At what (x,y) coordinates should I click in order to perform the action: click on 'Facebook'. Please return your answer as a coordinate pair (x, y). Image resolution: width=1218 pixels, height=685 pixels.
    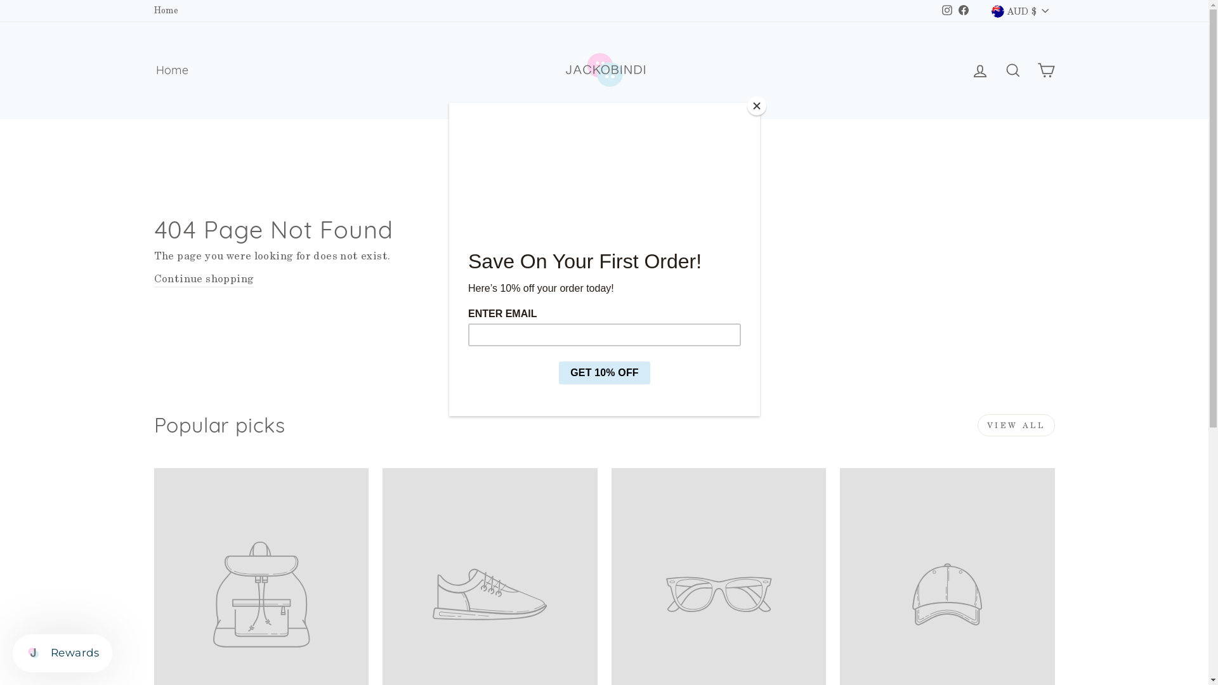
    Looking at the image, I should click on (955, 10).